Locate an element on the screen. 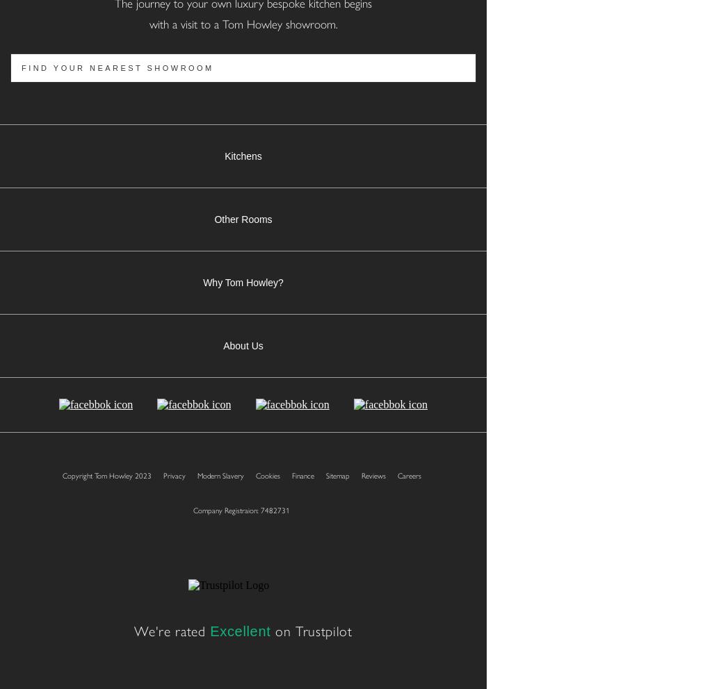 The width and height of the screenshot is (712, 689). 'Sitemap' is located at coordinates (336, 474).